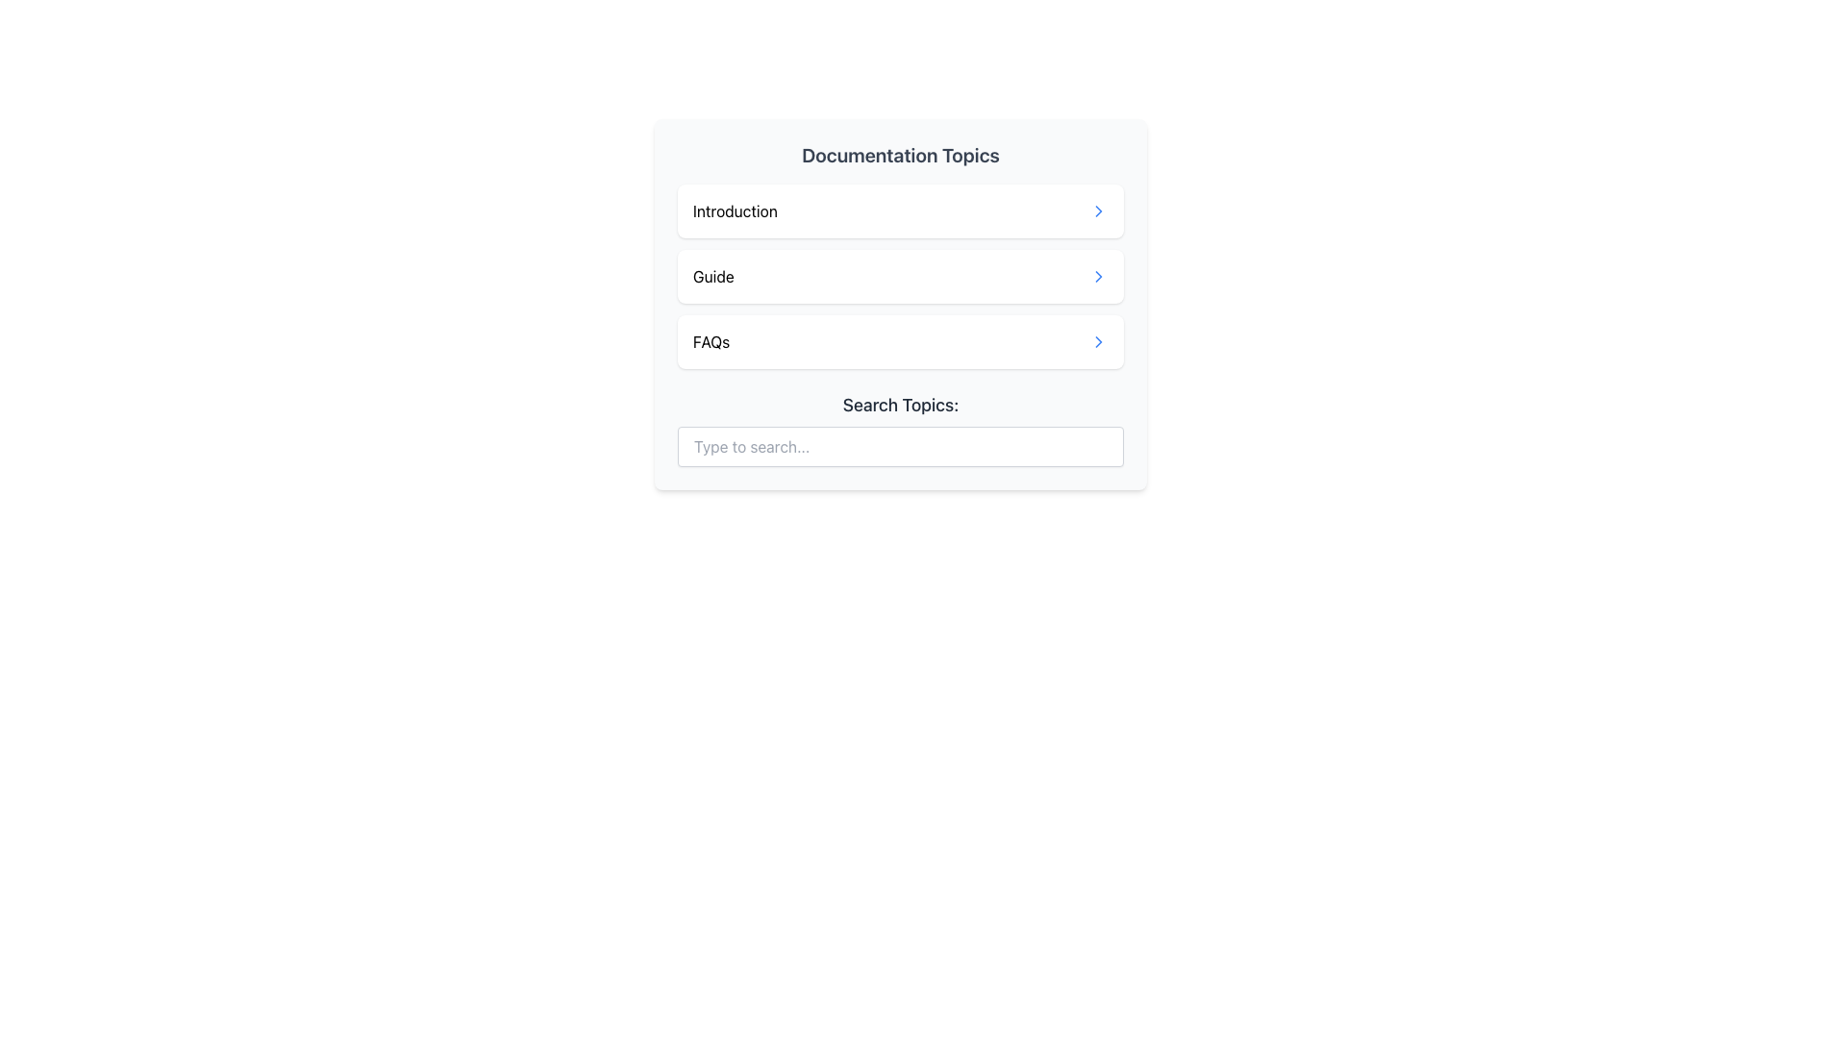  What do you see at coordinates (899, 404) in the screenshot?
I see `the text label that displays 'Search Topics:' in bold, medium-sized dark gray font, located below the list of links and above the search input box` at bounding box center [899, 404].